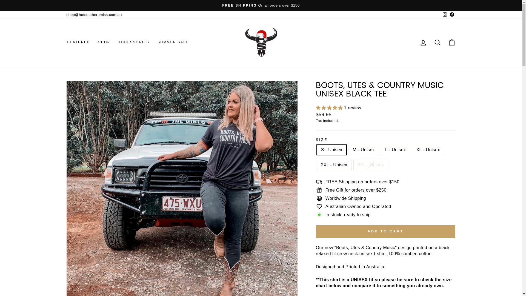 This screenshot has width=526, height=296. Describe the element at coordinates (452, 14) in the screenshot. I see `'Facebook'` at that location.